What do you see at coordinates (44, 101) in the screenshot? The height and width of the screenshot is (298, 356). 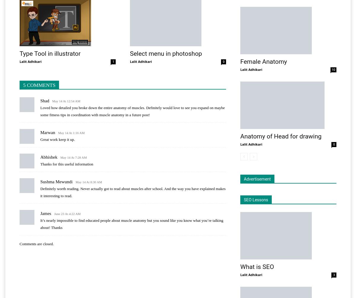 I see `'Shad'` at bounding box center [44, 101].